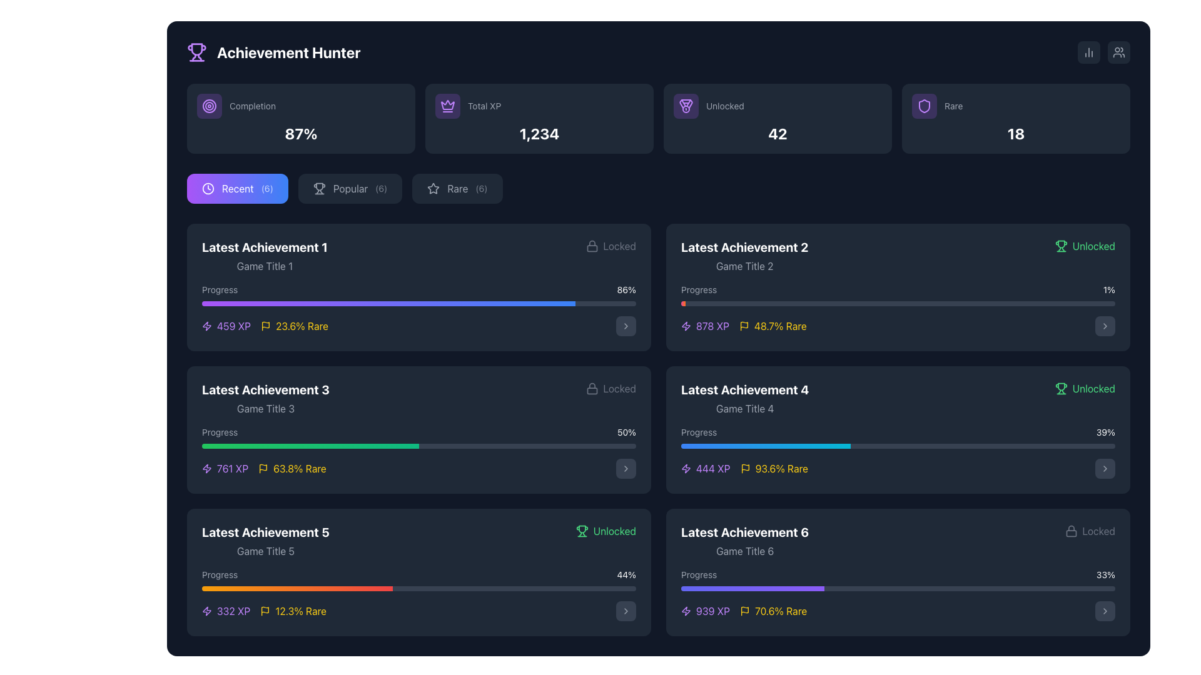  What do you see at coordinates (780, 611) in the screenshot?
I see `the text displaying the rarity percentage of the achievement for 'Latest Achievement 6', which is located next to a flag icon in the list item` at bounding box center [780, 611].